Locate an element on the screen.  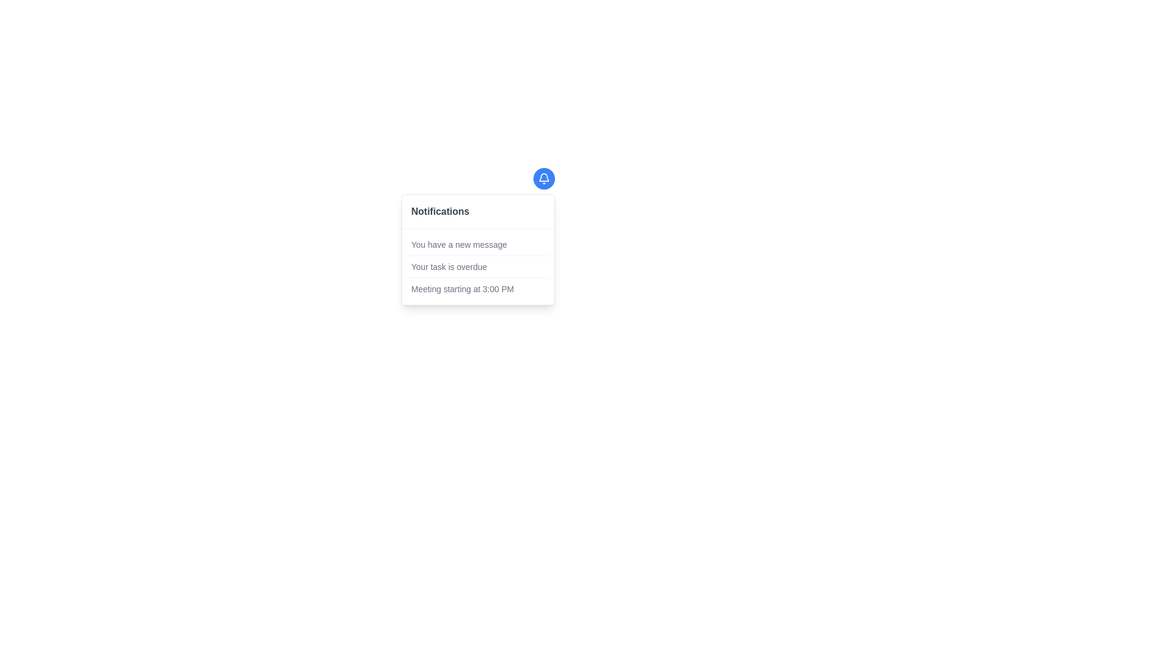
text label that informs the user about an overdue task, located in the notification popup window below 'You have a new message' and above 'Meeting starting at 3:00 PM' is located at coordinates (448, 266).